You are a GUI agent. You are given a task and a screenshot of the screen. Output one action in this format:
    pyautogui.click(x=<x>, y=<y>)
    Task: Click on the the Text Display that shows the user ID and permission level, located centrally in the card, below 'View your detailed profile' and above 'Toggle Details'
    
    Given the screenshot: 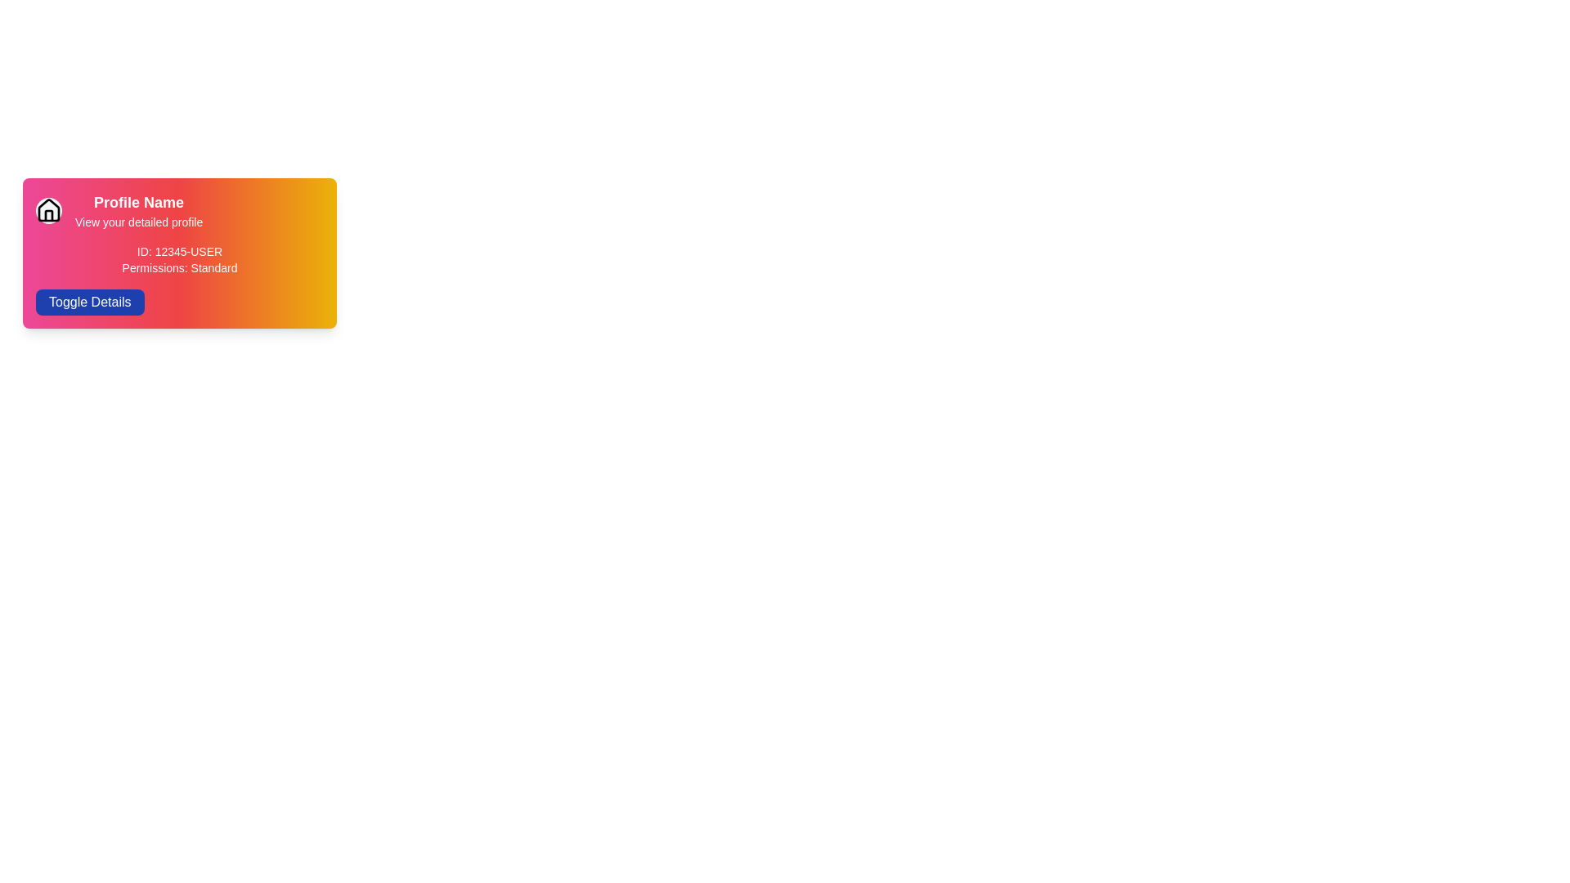 What is the action you would take?
    pyautogui.click(x=180, y=258)
    